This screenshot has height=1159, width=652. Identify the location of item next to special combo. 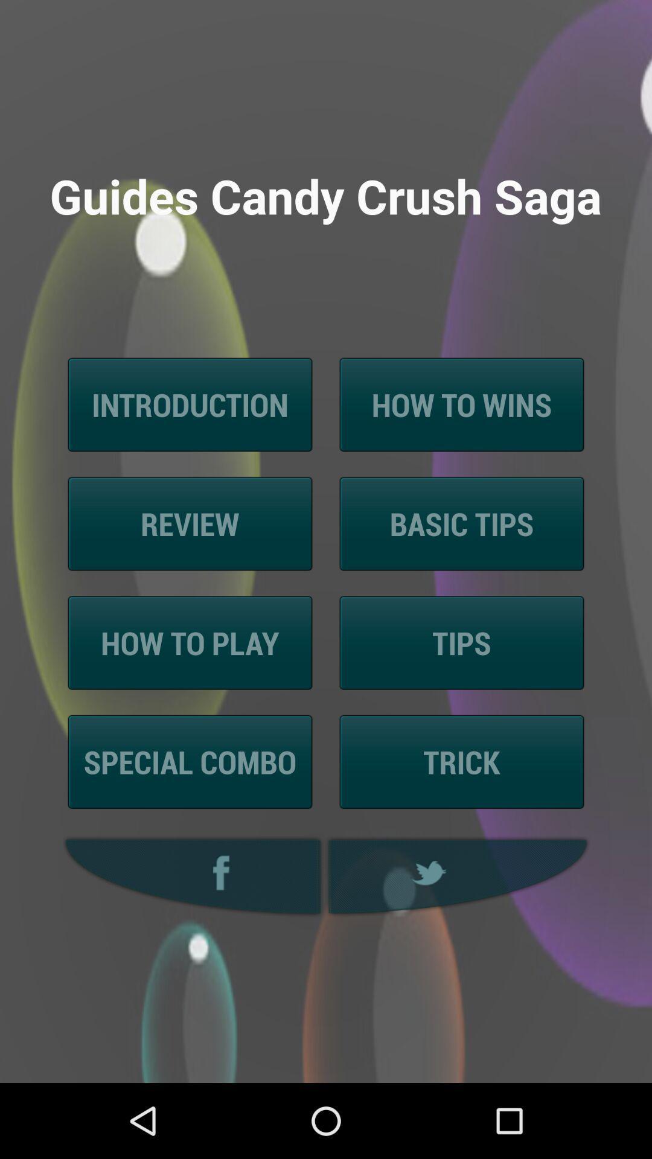
(461, 761).